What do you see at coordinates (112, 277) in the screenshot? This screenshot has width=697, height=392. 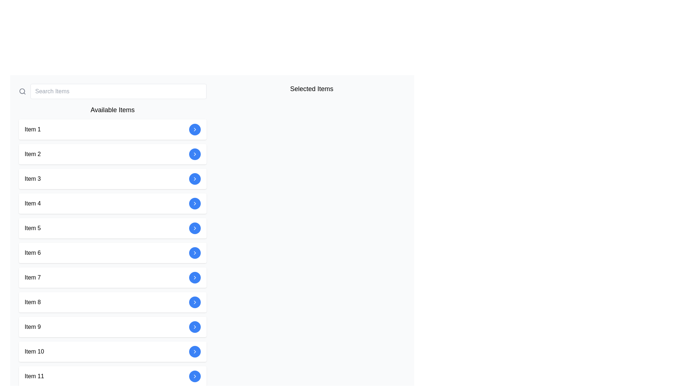 I see `the selectable list item representing 'Item 7' to proceed with the associated action` at bounding box center [112, 277].